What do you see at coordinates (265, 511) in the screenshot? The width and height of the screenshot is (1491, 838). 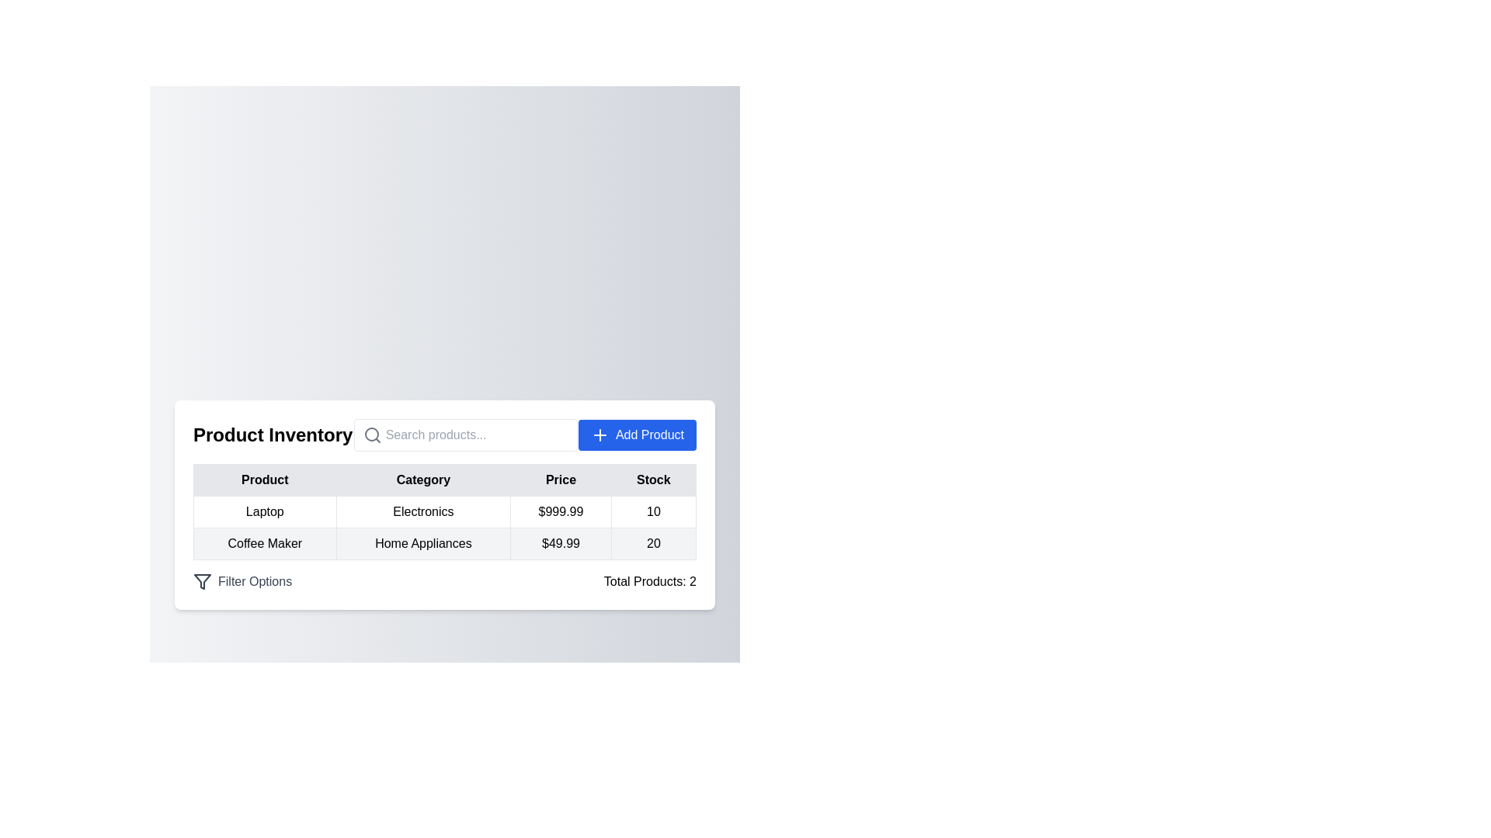 I see `the static text label element reading 'Laptop' in the 'Product Inventory' table, which is located in the first row under the 'Product' column` at bounding box center [265, 511].